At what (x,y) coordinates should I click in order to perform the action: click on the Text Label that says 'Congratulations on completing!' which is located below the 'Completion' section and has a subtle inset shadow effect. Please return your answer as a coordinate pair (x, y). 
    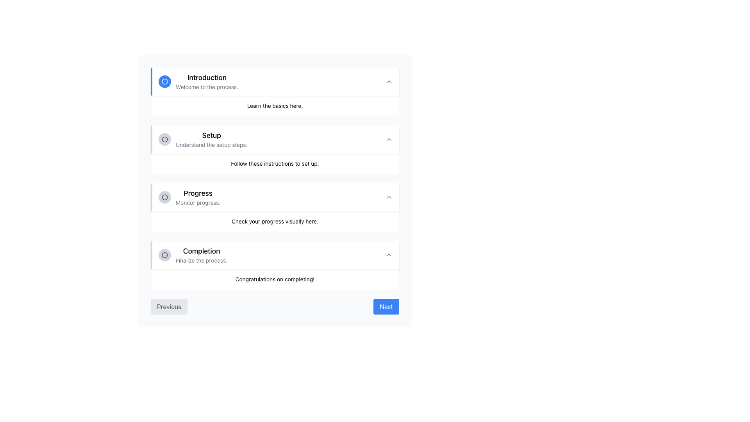
    Looking at the image, I should click on (275, 279).